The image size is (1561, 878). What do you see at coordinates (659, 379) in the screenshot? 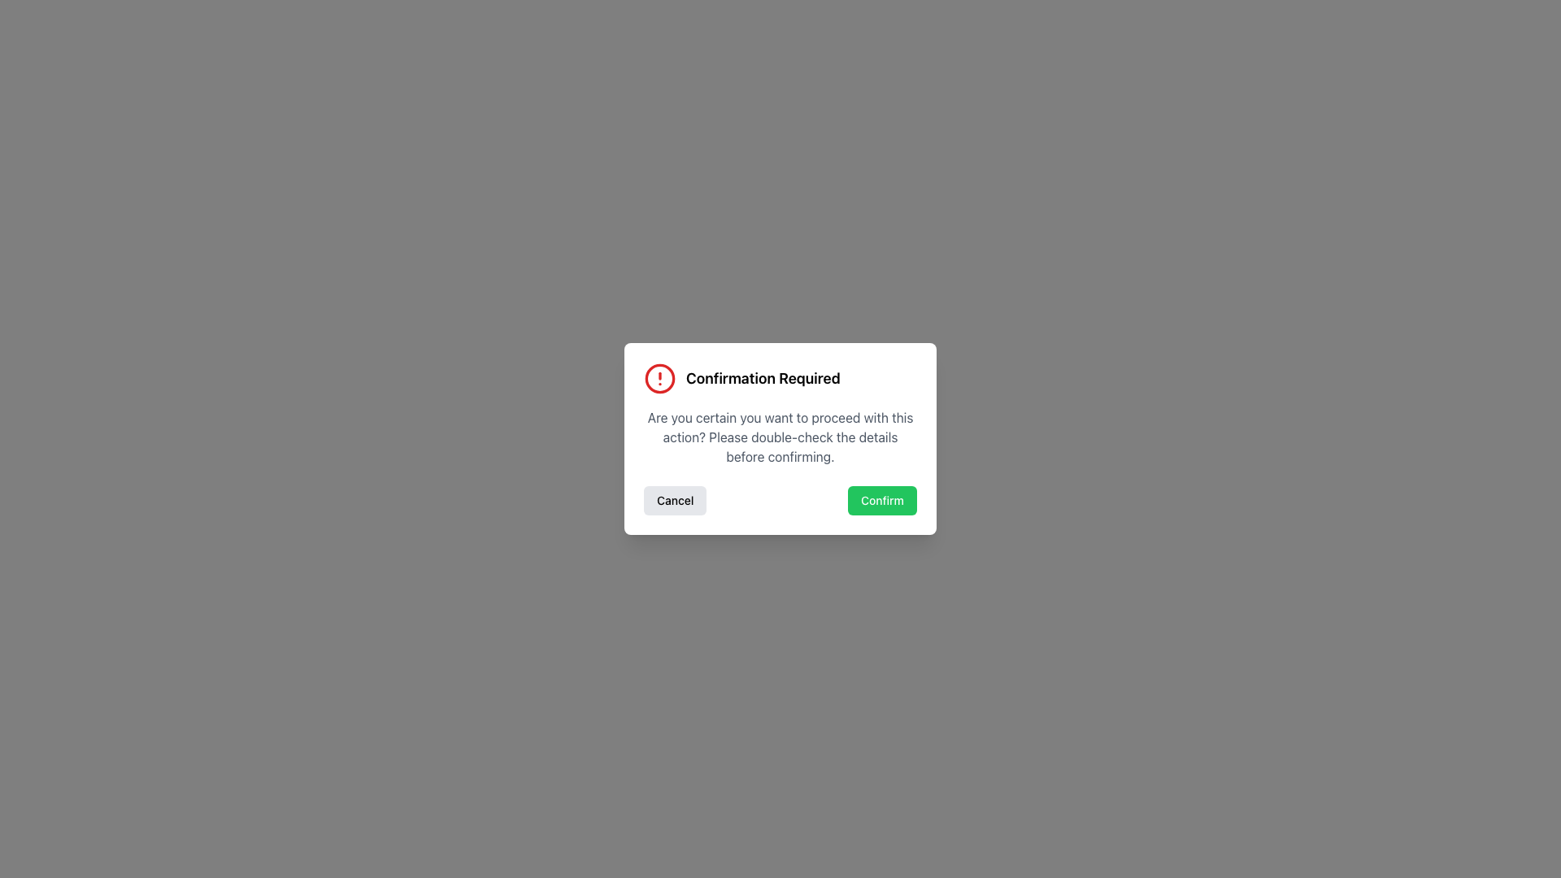
I see `the graphic element that serves as a visual alert icon indicating importance or warning in the top-left corner of the modal dialog` at bounding box center [659, 379].